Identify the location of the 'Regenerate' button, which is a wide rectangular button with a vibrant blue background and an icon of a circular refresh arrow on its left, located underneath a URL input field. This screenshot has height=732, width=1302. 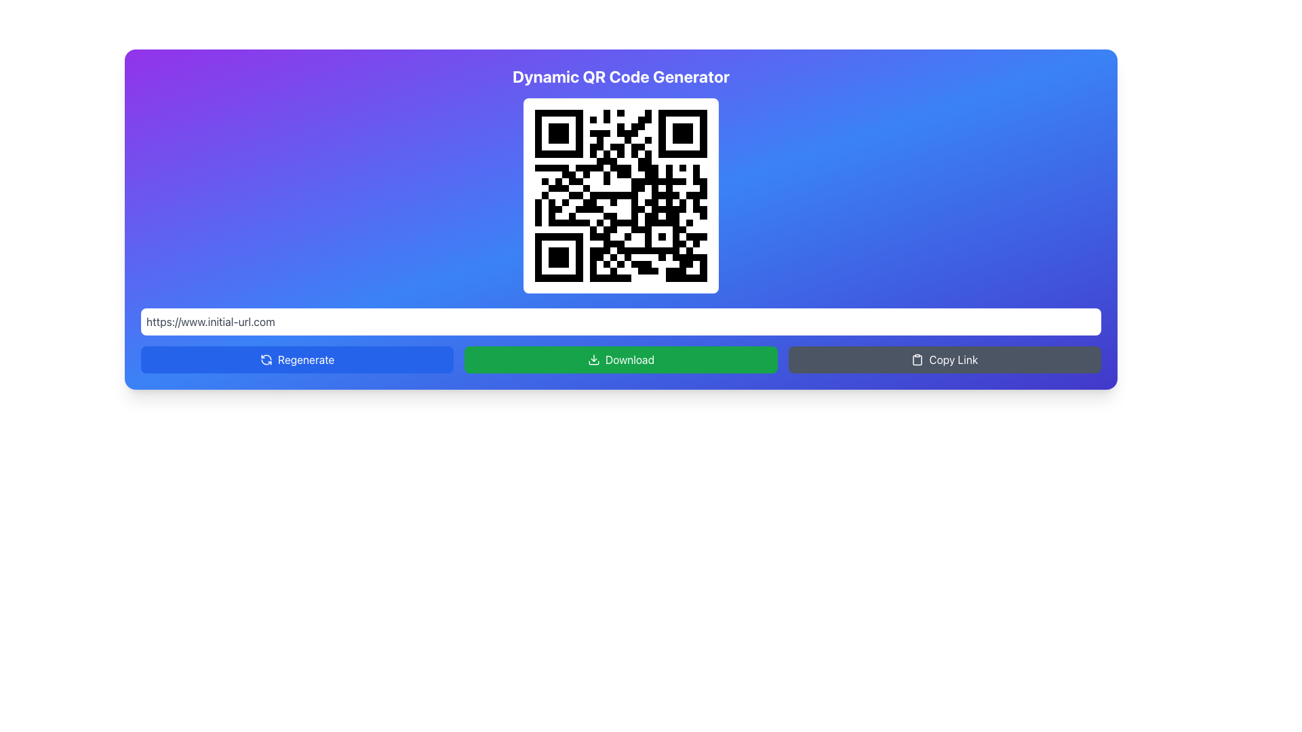
(296, 359).